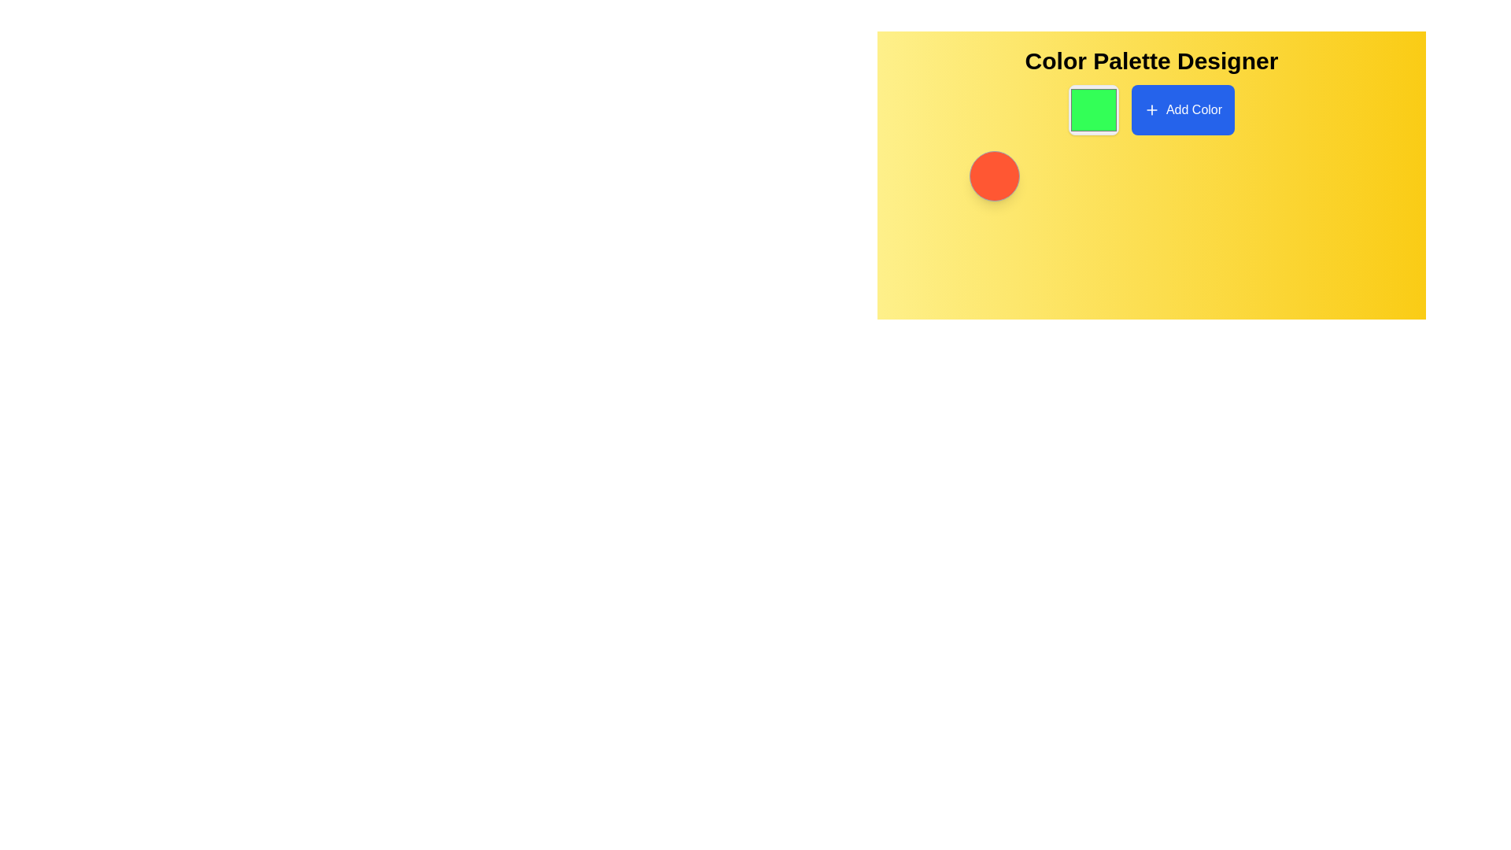 This screenshot has width=1511, height=850. I want to click on the bold, large-sized text label displaying 'Color Palette Designer' located at the top-center of the interface, so click(1151, 60).